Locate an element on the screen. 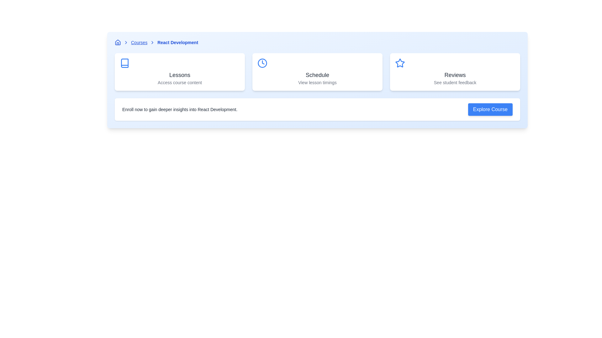 This screenshot has width=602, height=338. the breadcrumb text indicator that signifies the current page or section in the navigation system, located to the right of the 'Courses' link and a chevron icon in the upper-left corner of the interface is located at coordinates (177, 42).